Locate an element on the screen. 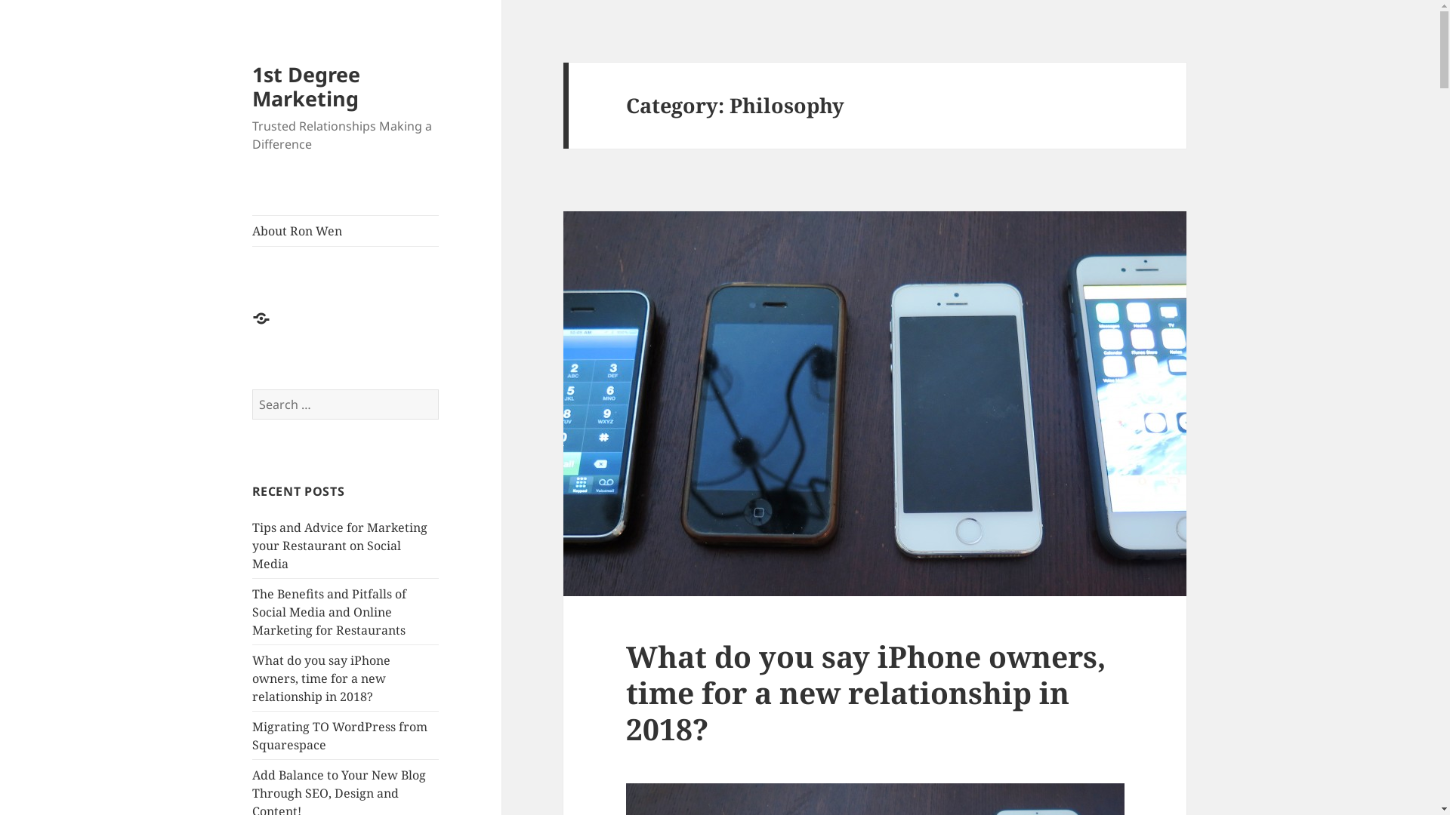 The height and width of the screenshot is (815, 1450). '1st Degree Marketing' is located at coordinates (305, 86).